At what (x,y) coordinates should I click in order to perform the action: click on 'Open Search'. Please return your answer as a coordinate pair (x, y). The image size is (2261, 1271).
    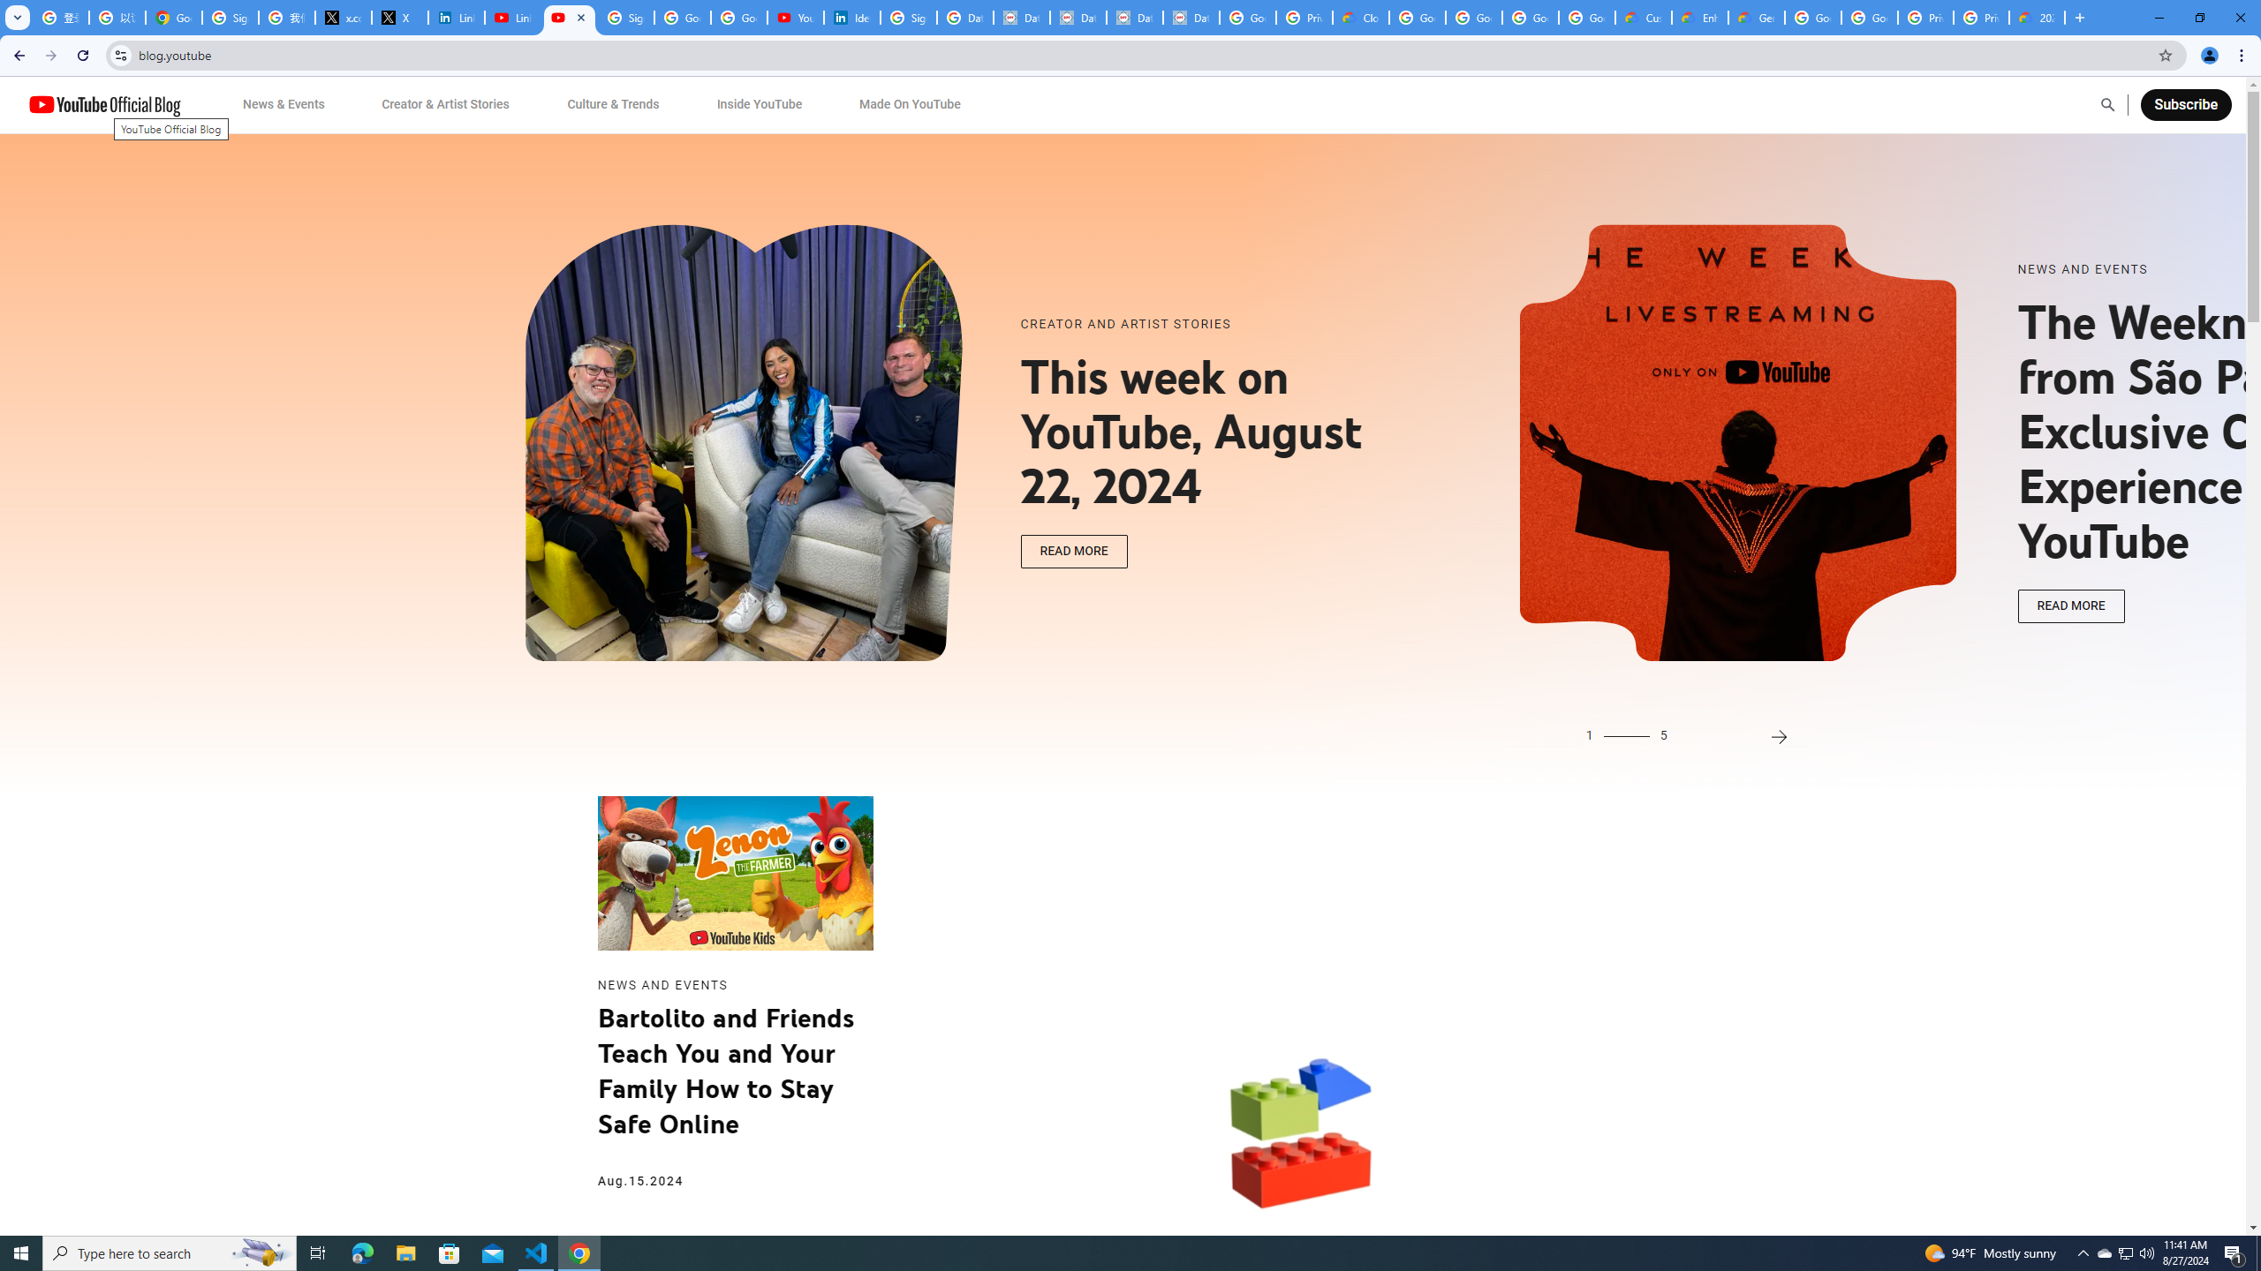
    Looking at the image, I should click on (2107, 104).